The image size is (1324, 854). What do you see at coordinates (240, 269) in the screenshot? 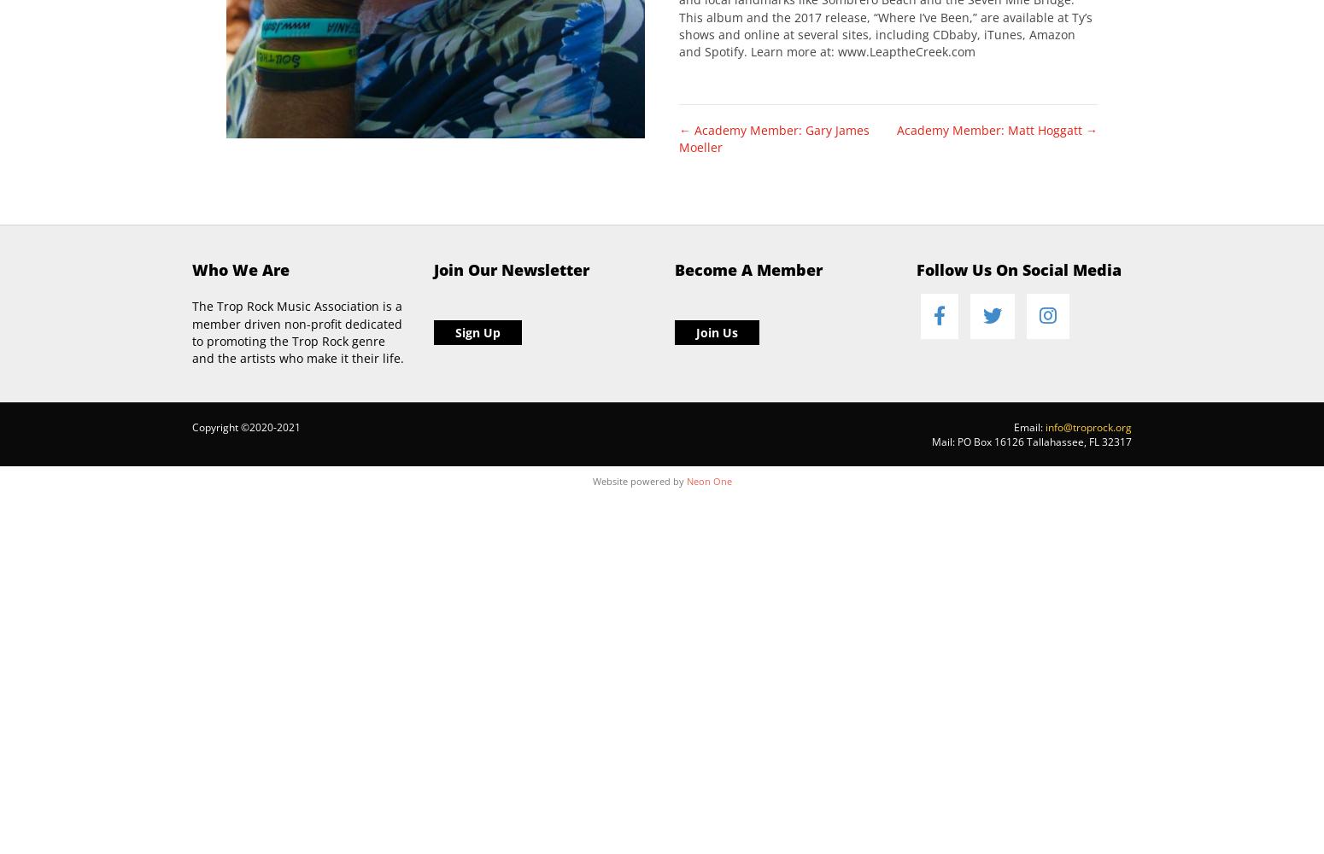
I see `'Who We Are'` at bounding box center [240, 269].